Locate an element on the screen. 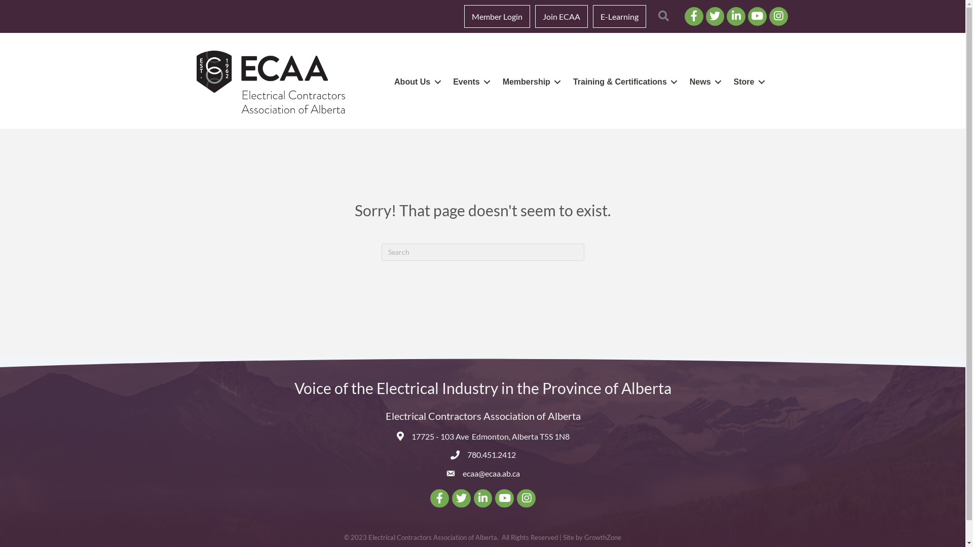 The width and height of the screenshot is (973, 547). 'Membership' is located at coordinates (530, 81).